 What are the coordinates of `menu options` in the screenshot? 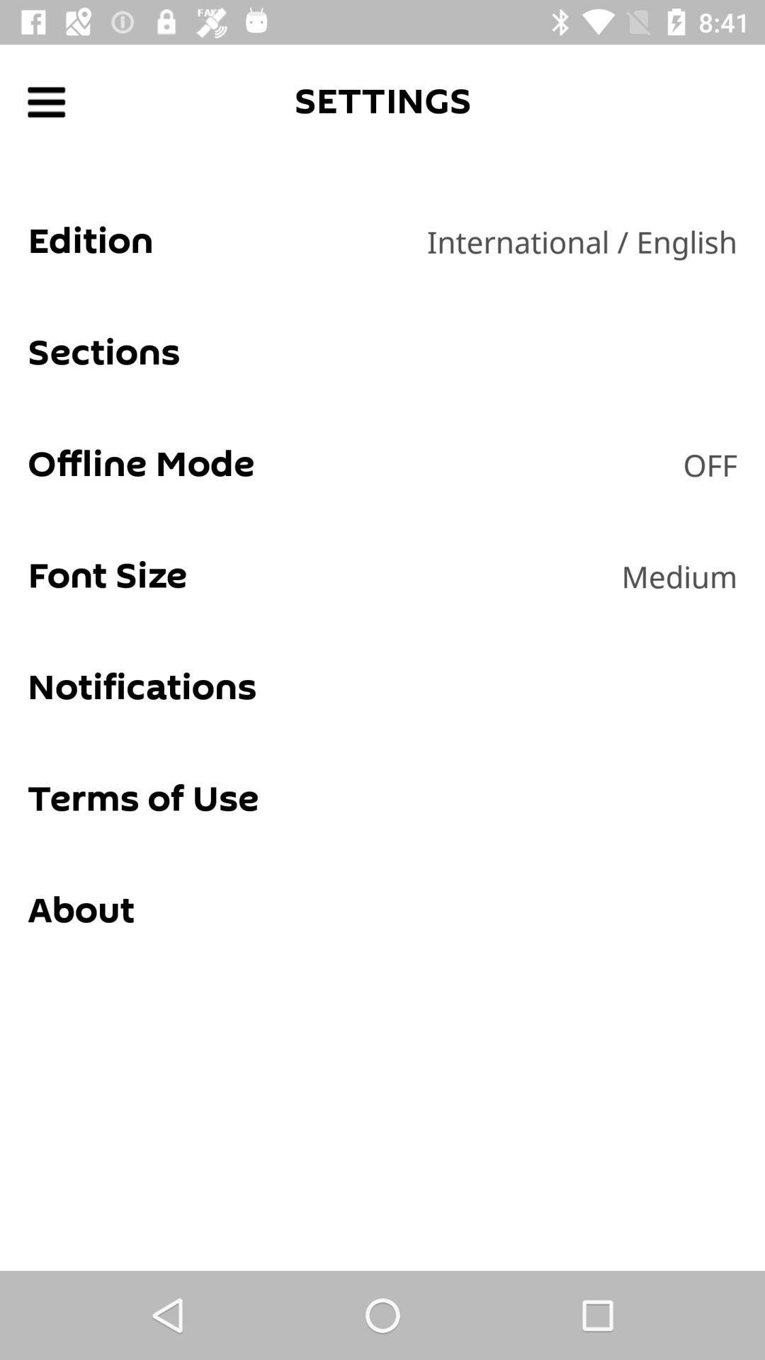 It's located at (45, 101).